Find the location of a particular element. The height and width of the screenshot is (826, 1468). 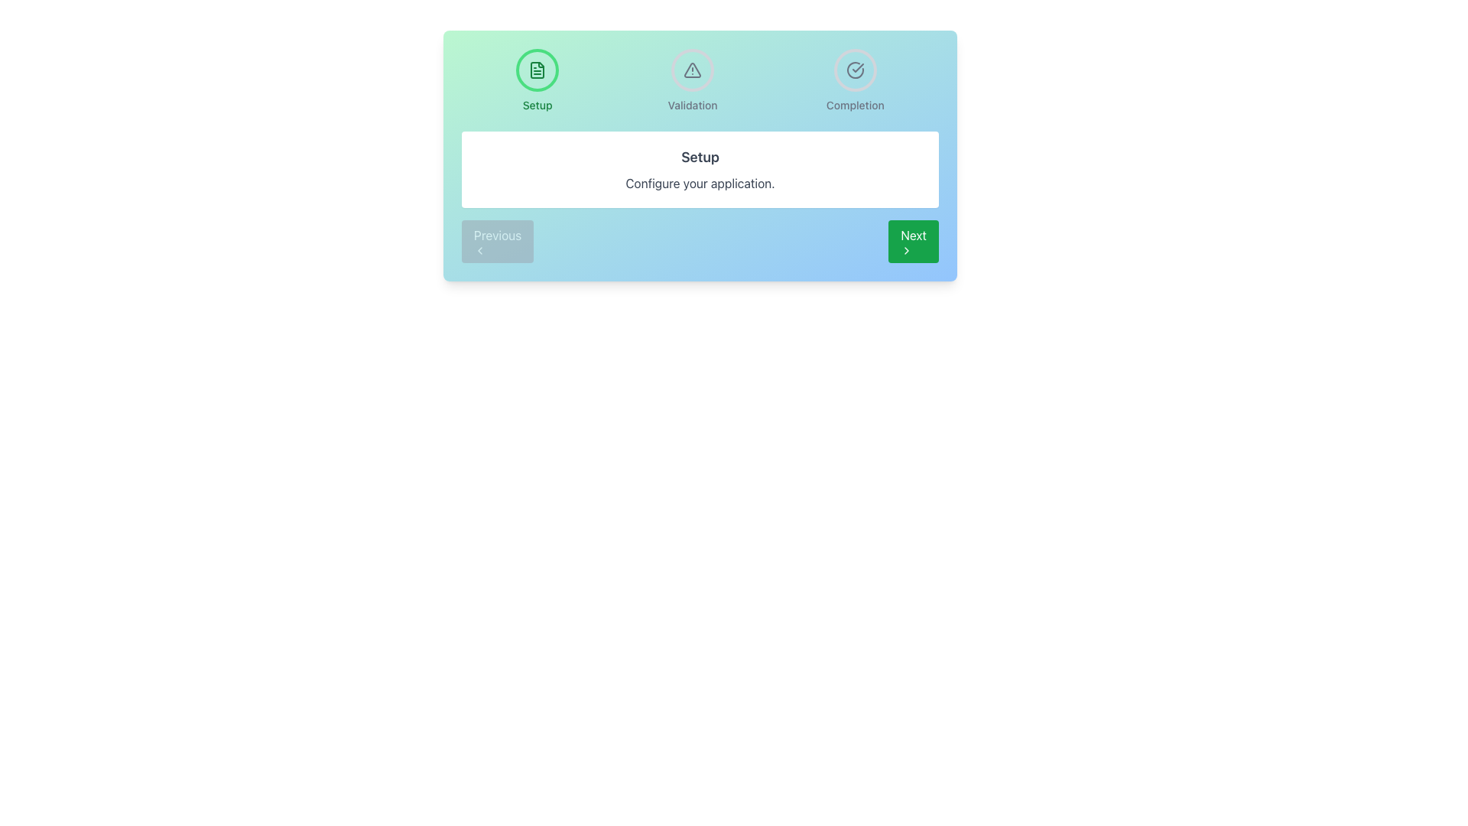

the rightward chevron icon of the 'Next' button, which is styled in white on a green background and located in the bottom-right of the interface is located at coordinates (907, 249).